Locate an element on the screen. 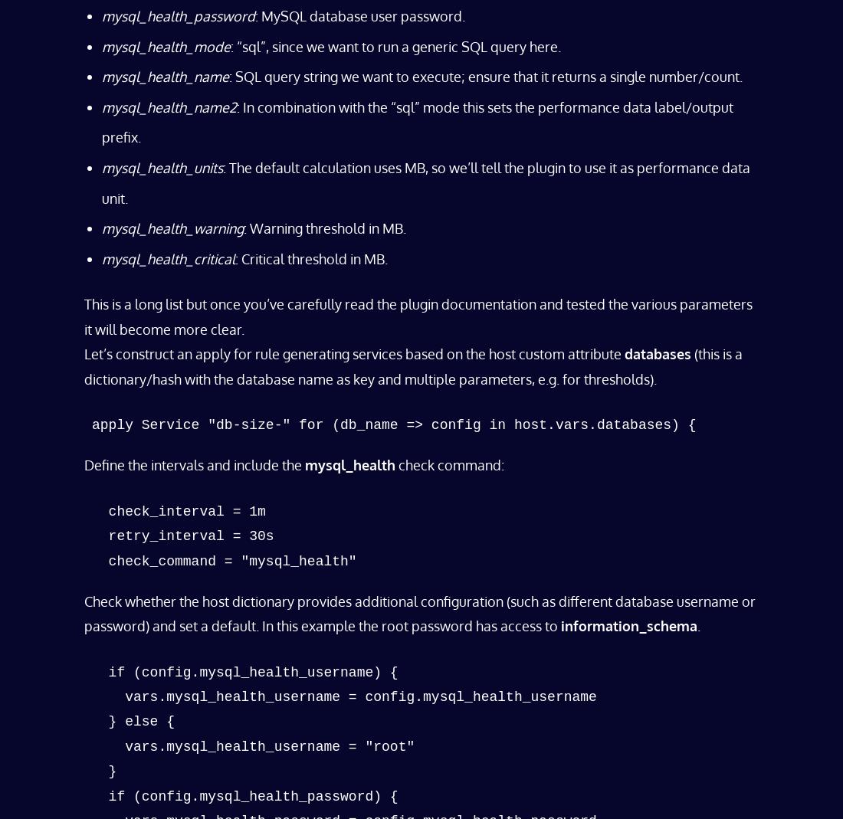 Image resolution: width=843 pixels, height=819 pixels. 'Define the intervals and include the' is located at coordinates (194, 464).